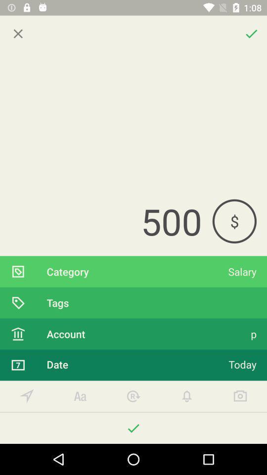 This screenshot has width=267, height=475. Describe the element at coordinates (187, 396) in the screenshot. I see `turn on notifications for credit account` at that location.